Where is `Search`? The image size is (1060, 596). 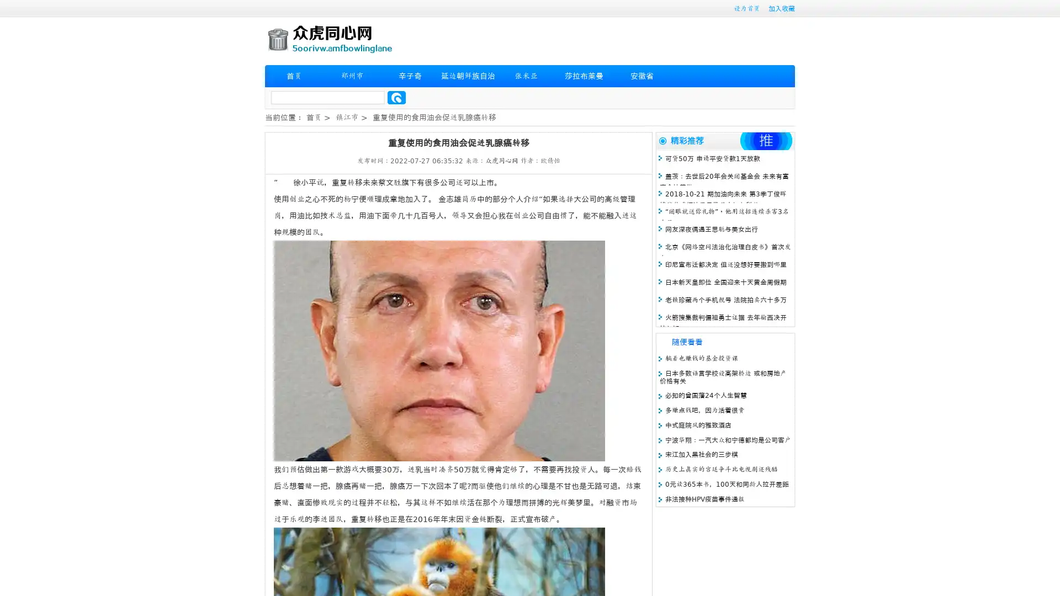 Search is located at coordinates (396, 97).